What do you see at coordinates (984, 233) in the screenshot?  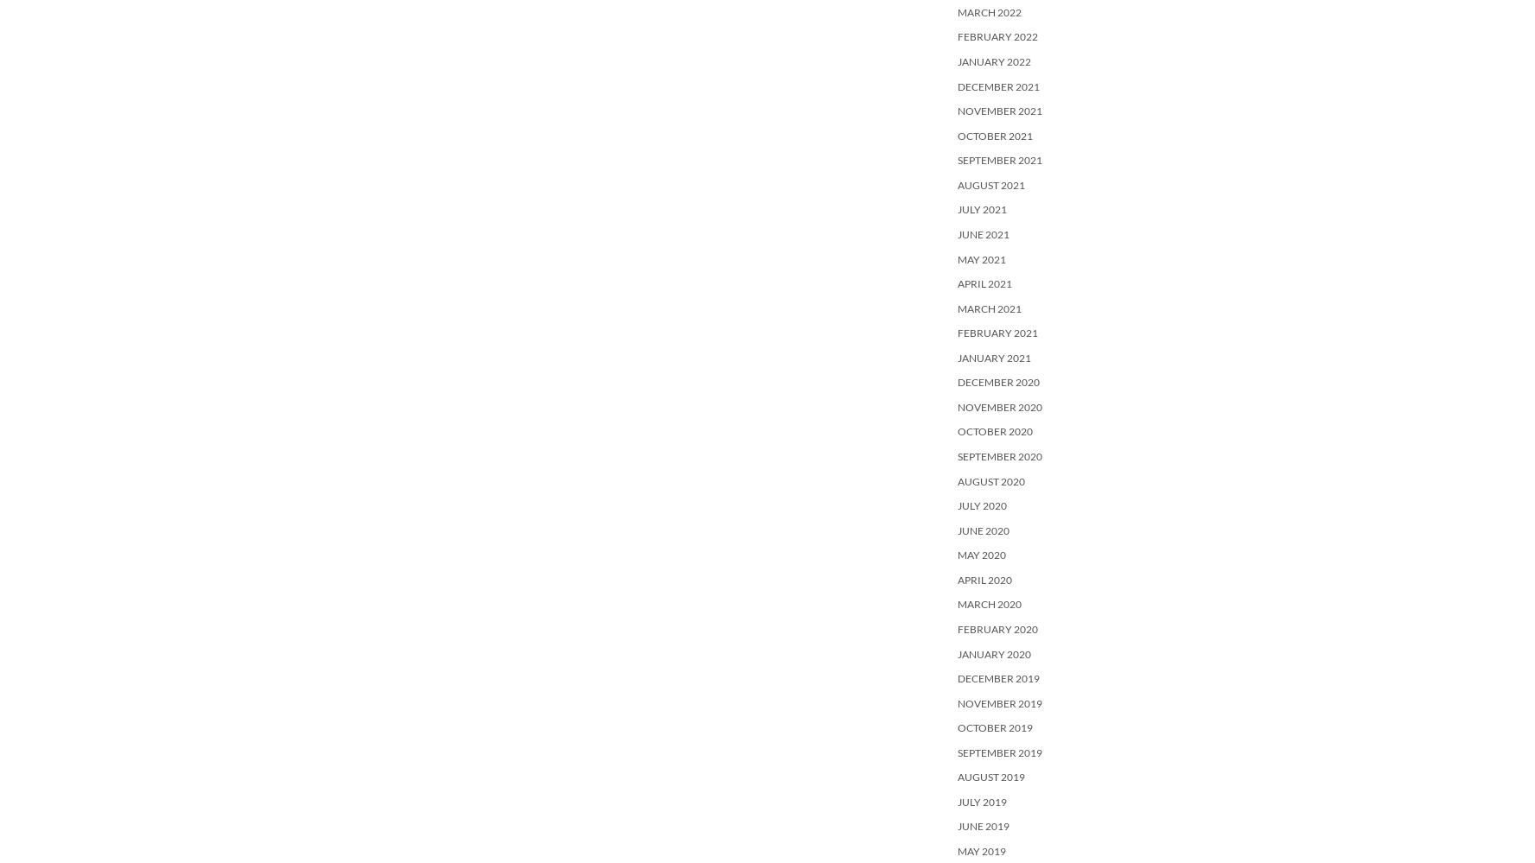 I see `'June 2021'` at bounding box center [984, 233].